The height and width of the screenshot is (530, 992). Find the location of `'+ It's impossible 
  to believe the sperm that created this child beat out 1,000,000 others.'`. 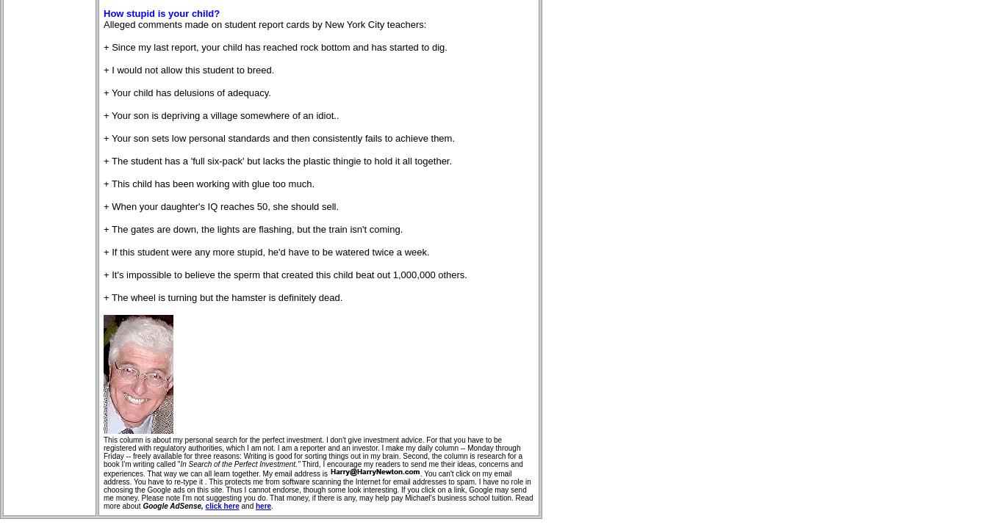

'+ It's impossible 
  to believe the sperm that created this child beat out 1,000,000 others.' is located at coordinates (284, 275).